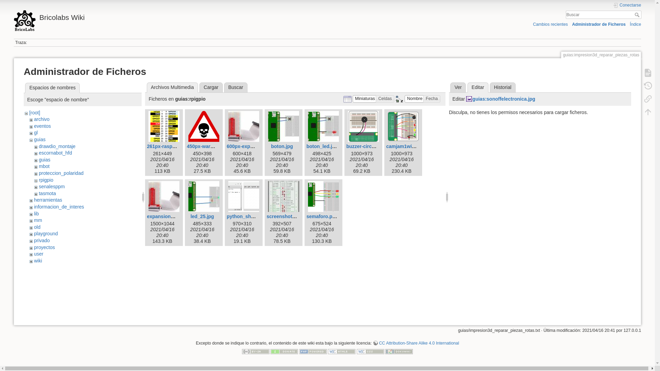 The width and height of the screenshot is (660, 371). What do you see at coordinates (61, 173) in the screenshot?
I see `'proteccion_polaridad'` at bounding box center [61, 173].